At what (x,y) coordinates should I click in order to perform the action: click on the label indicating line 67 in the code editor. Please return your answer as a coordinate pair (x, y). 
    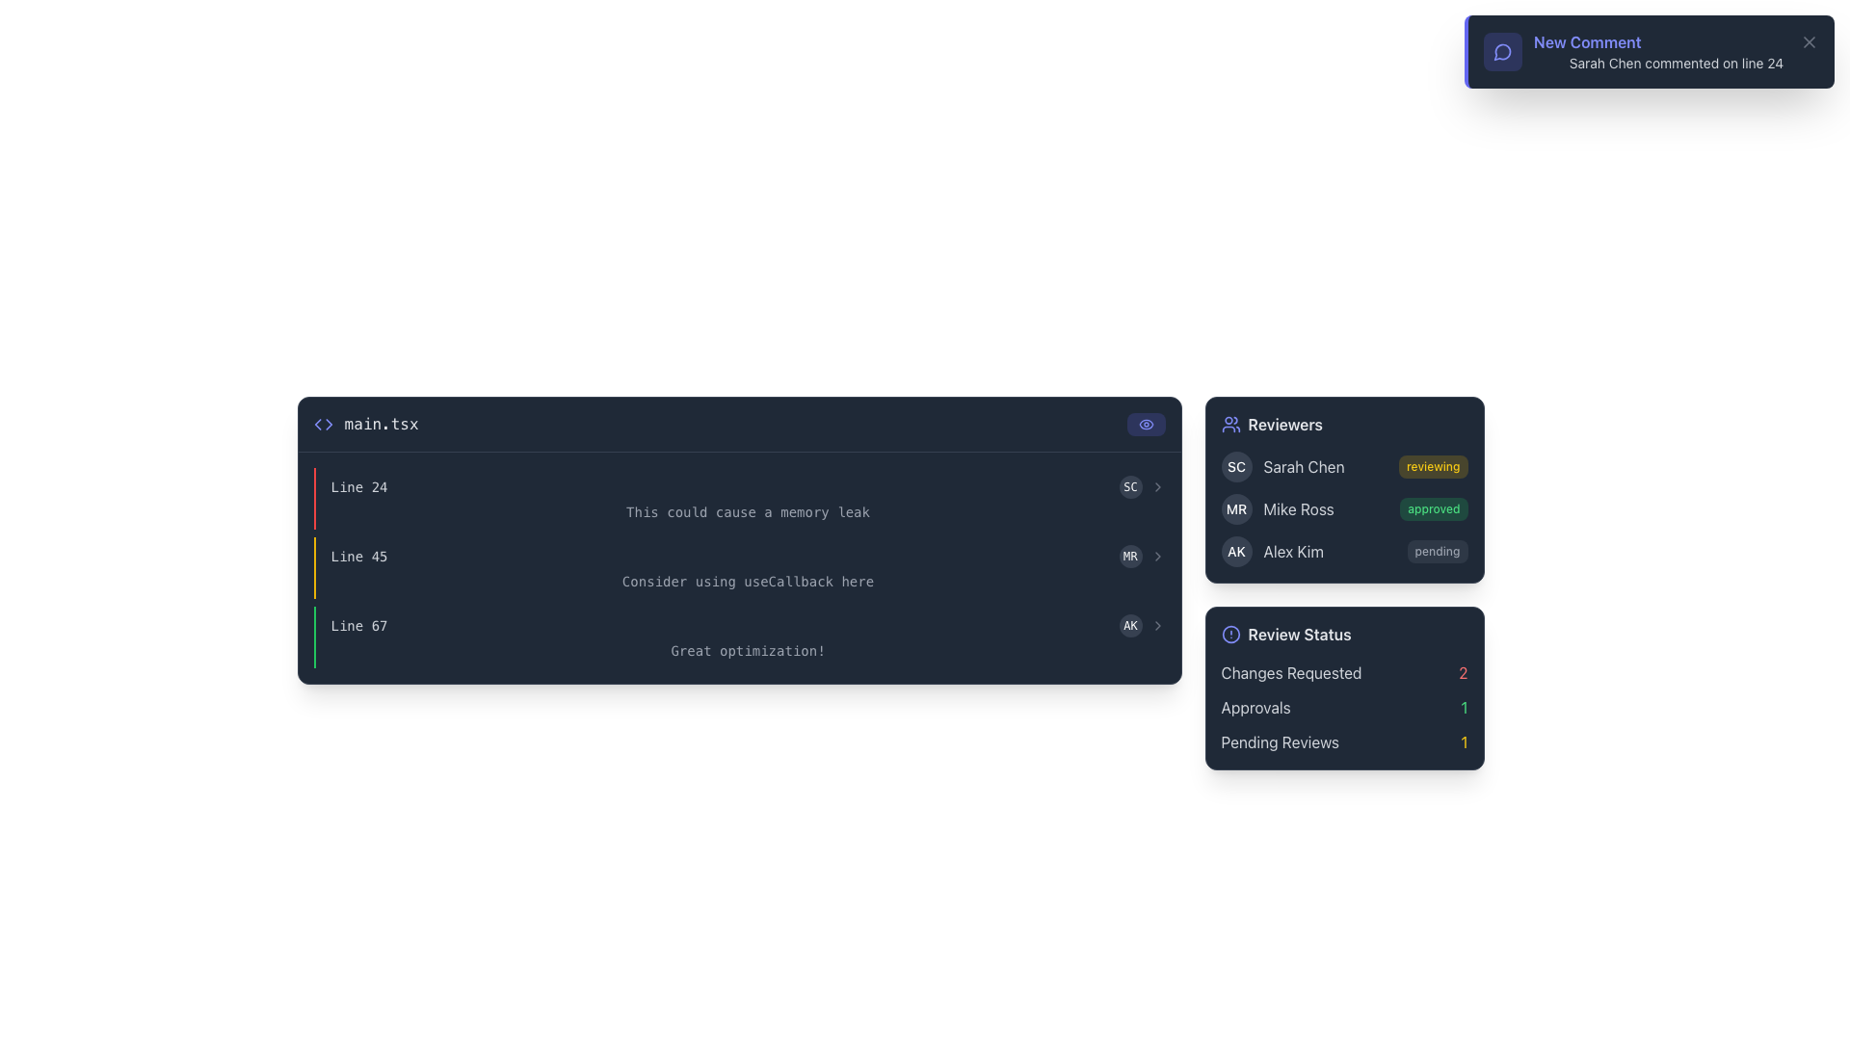
    Looking at the image, I should click on (359, 626).